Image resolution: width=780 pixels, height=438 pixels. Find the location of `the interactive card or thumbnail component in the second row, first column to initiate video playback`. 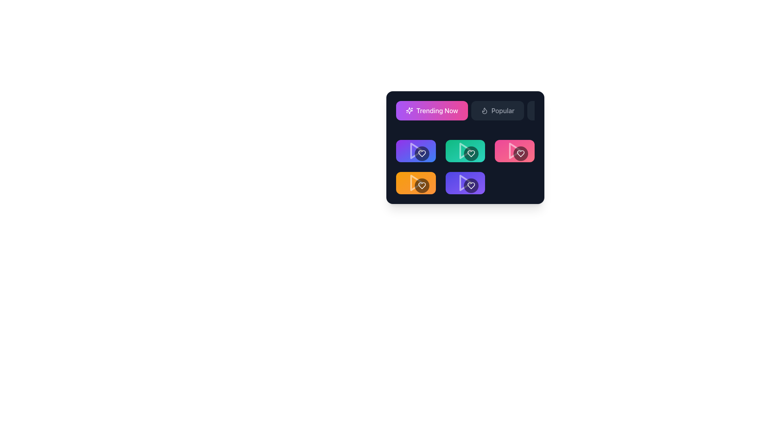

the interactive card or thumbnail component in the second row, first column to initiate video playback is located at coordinates (416, 151).